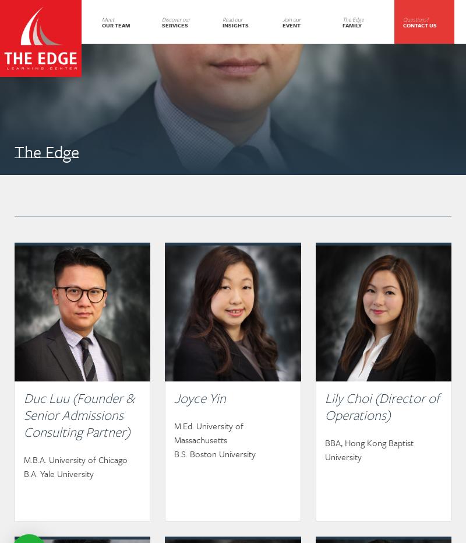 This screenshot has height=543, width=466. I want to click on 'Contact Us', so click(403, 23).